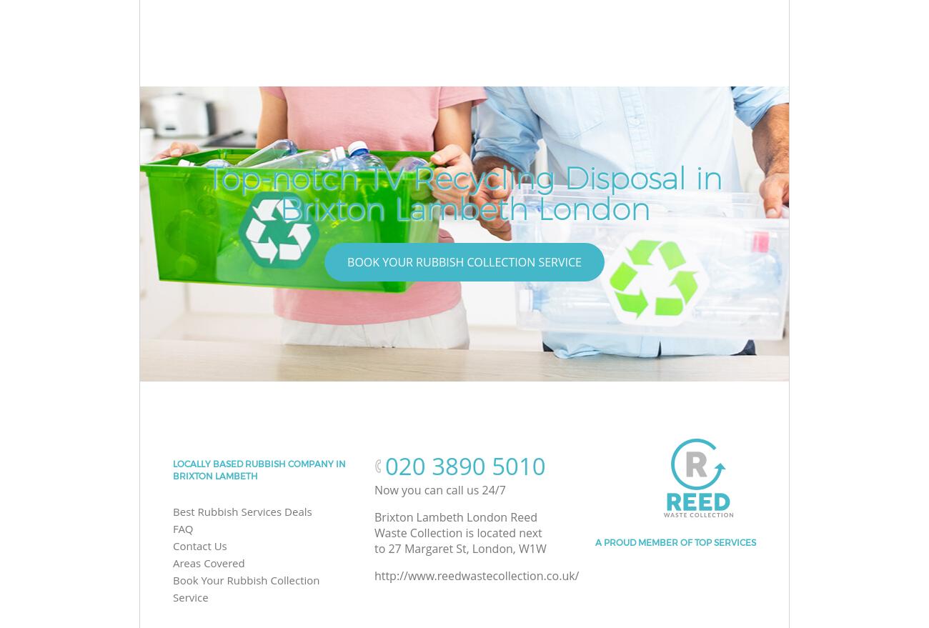 The image size is (929, 628). I want to click on 'http://www.reedwastecollection.co.uk/', so click(475, 575).